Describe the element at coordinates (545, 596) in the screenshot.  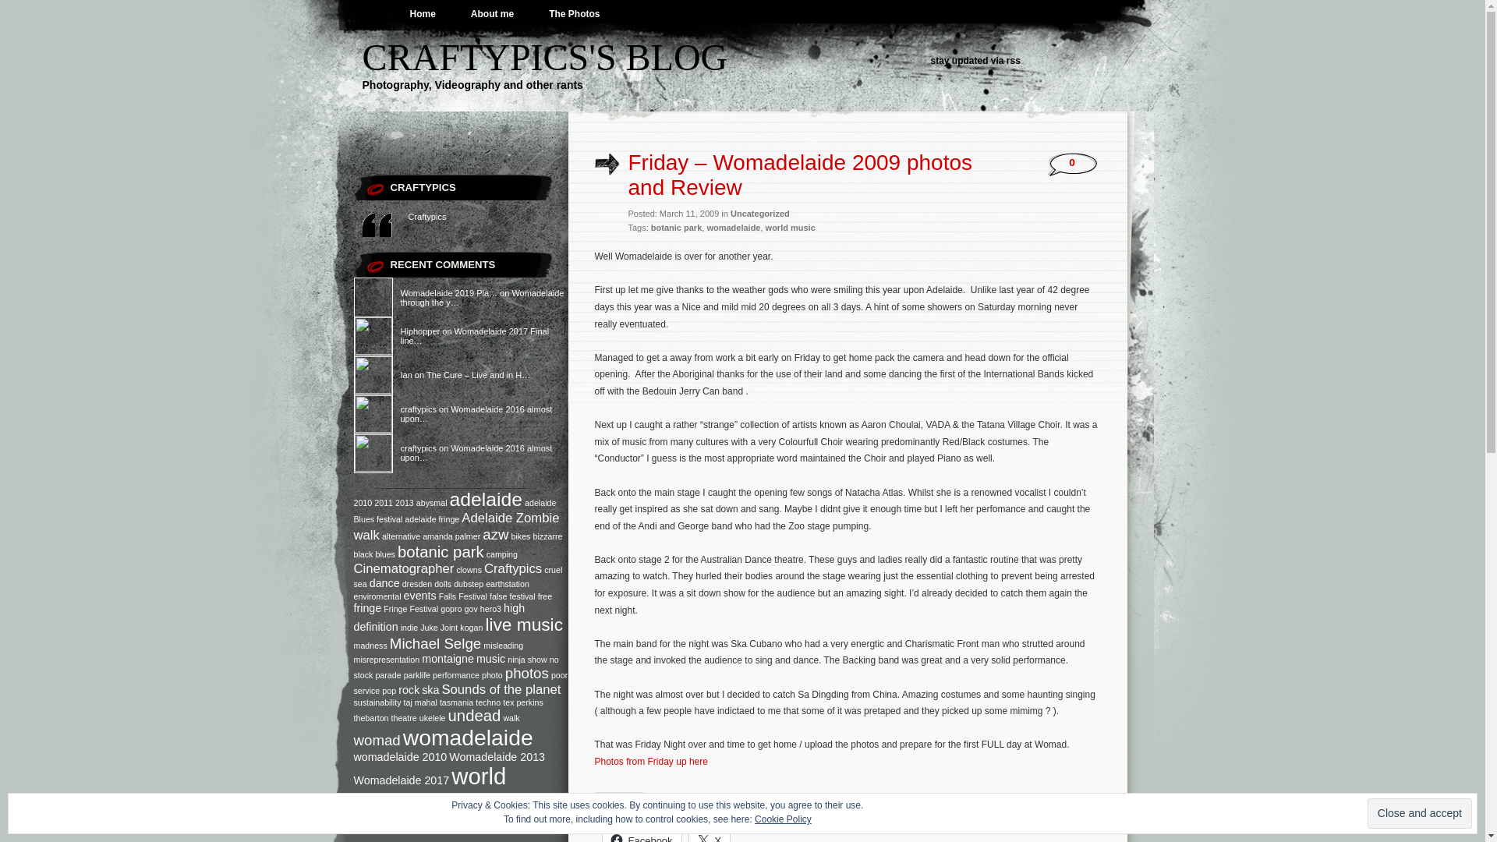
I see `'free'` at that location.